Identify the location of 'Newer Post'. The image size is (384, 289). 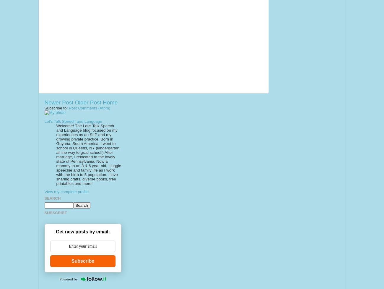
(44, 102).